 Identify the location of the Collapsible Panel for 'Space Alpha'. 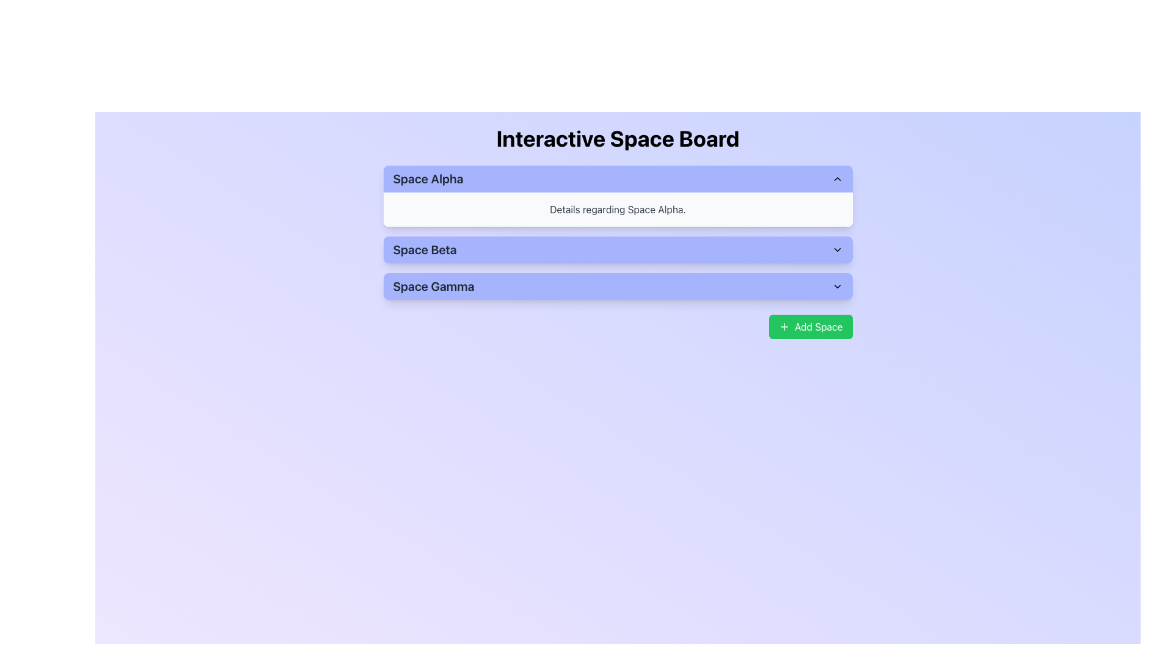
(618, 233).